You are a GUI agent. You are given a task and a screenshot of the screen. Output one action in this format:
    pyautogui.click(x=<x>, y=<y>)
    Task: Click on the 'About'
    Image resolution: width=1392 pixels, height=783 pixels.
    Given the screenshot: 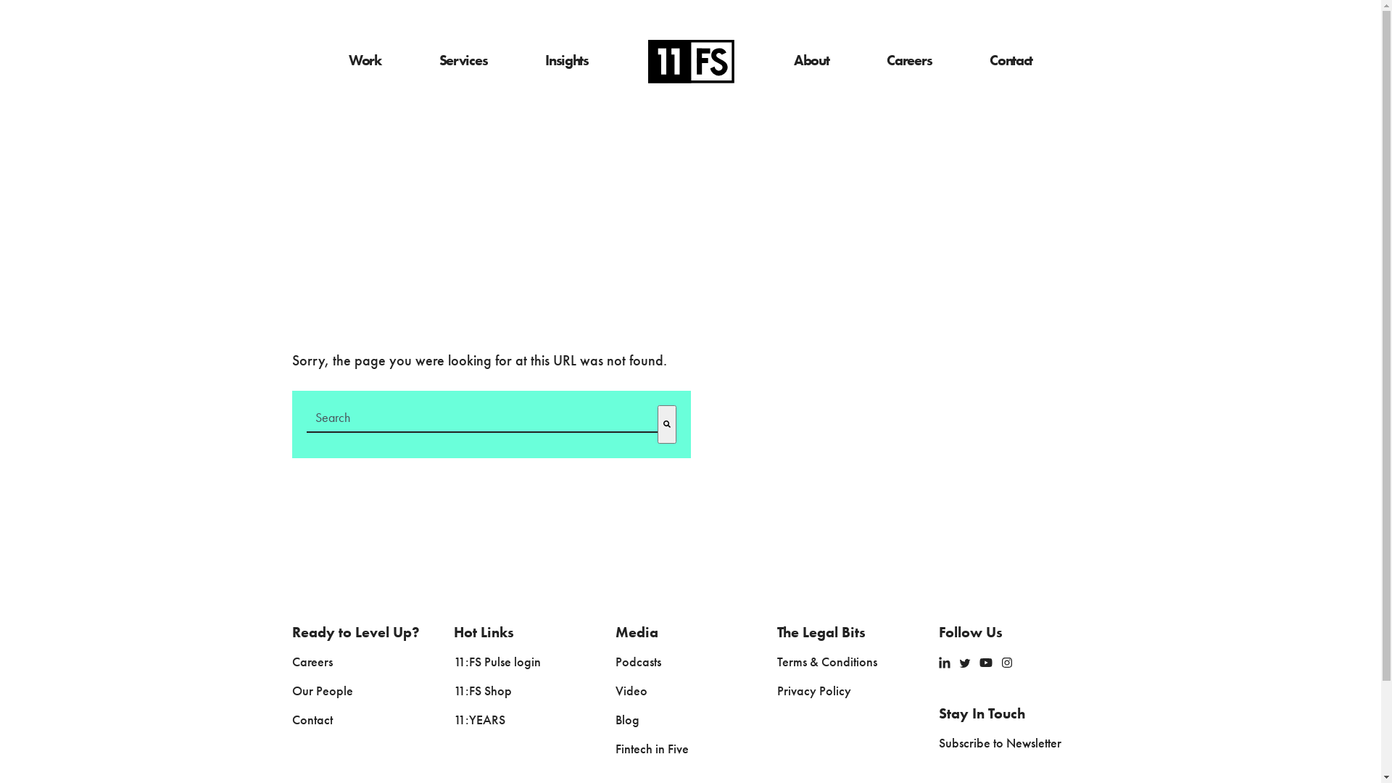 What is the action you would take?
    pyautogui.click(x=811, y=60)
    